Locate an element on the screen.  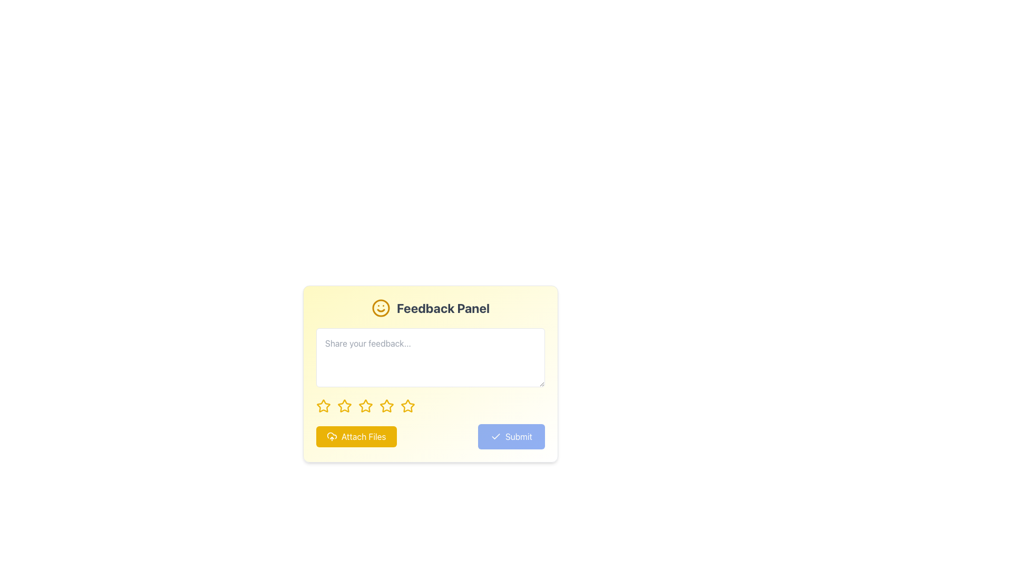
text label that says 'Attach Files' located in the Feedback Panel, which is styled in white text on a yellow background, positioned below the star rating icons and to the left of the blue 'Submit' button is located at coordinates (364, 437).